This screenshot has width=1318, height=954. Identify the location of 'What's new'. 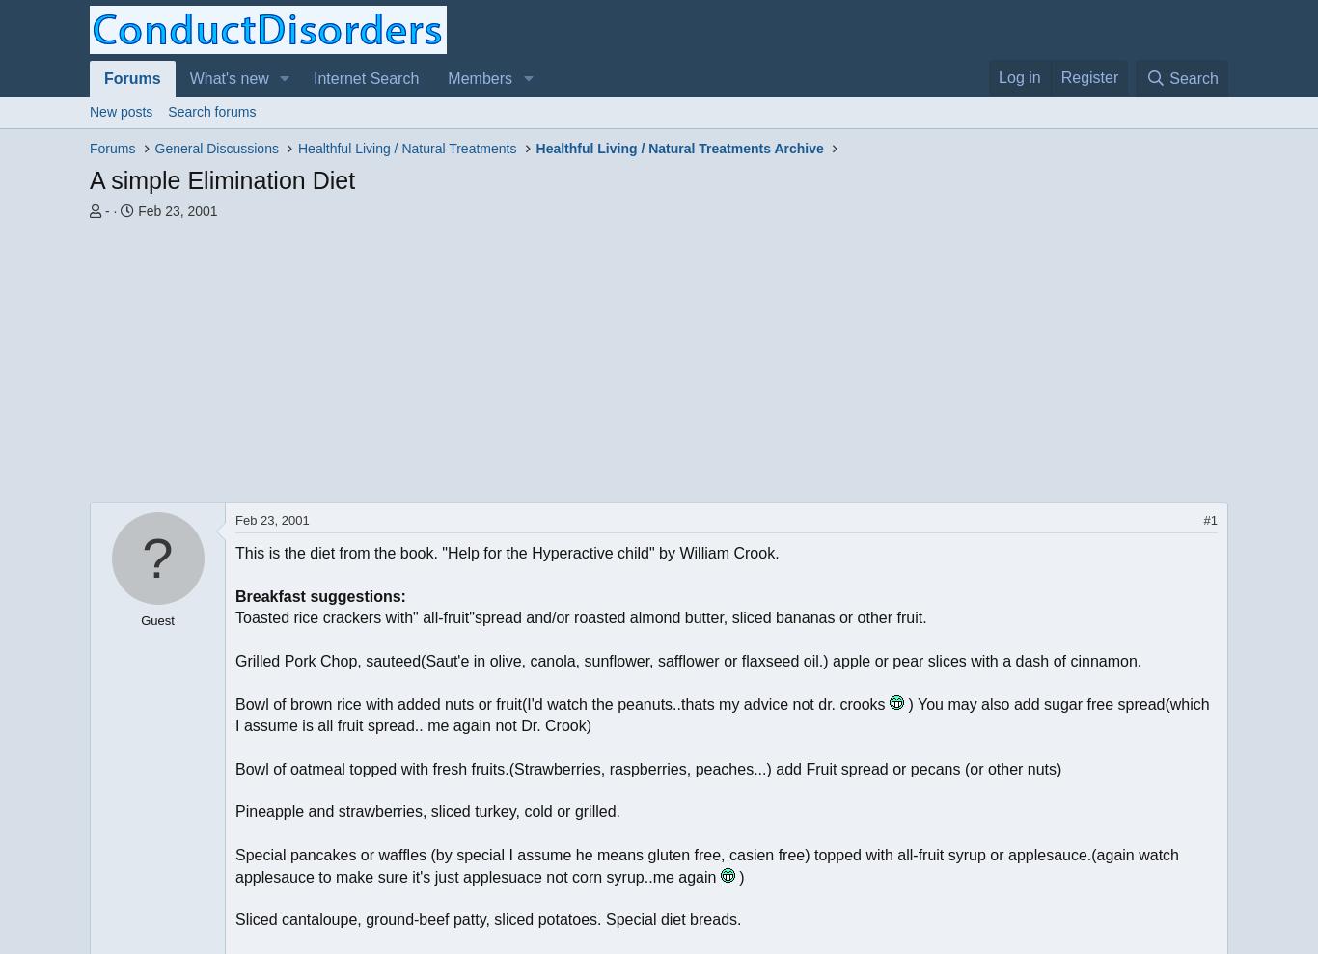
(229, 78).